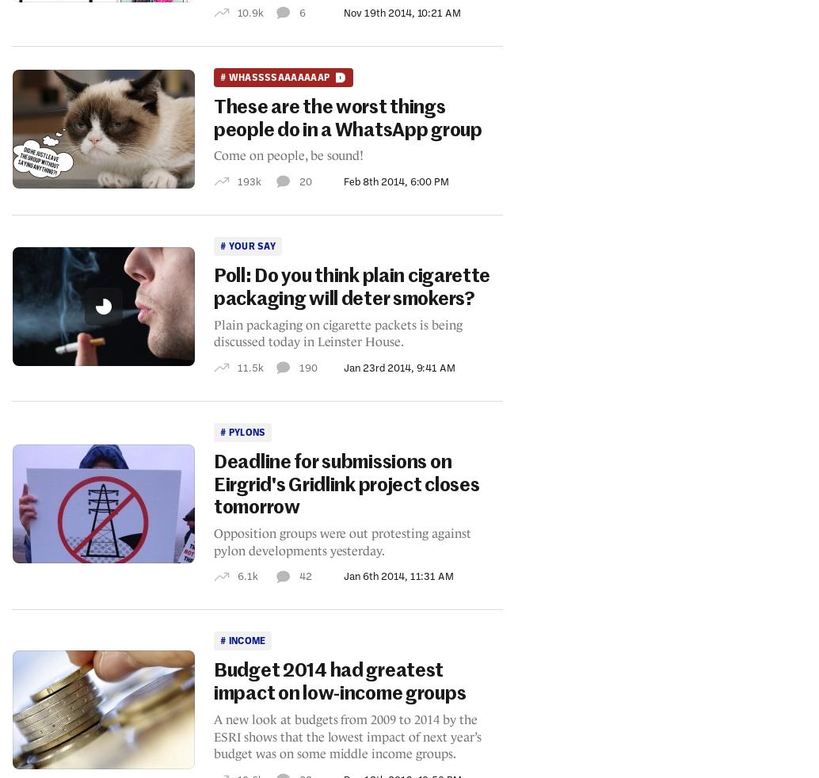  What do you see at coordinates (249, 367) in the screenshot?
I see `'11.5k'` at bounding box center [249, 367].